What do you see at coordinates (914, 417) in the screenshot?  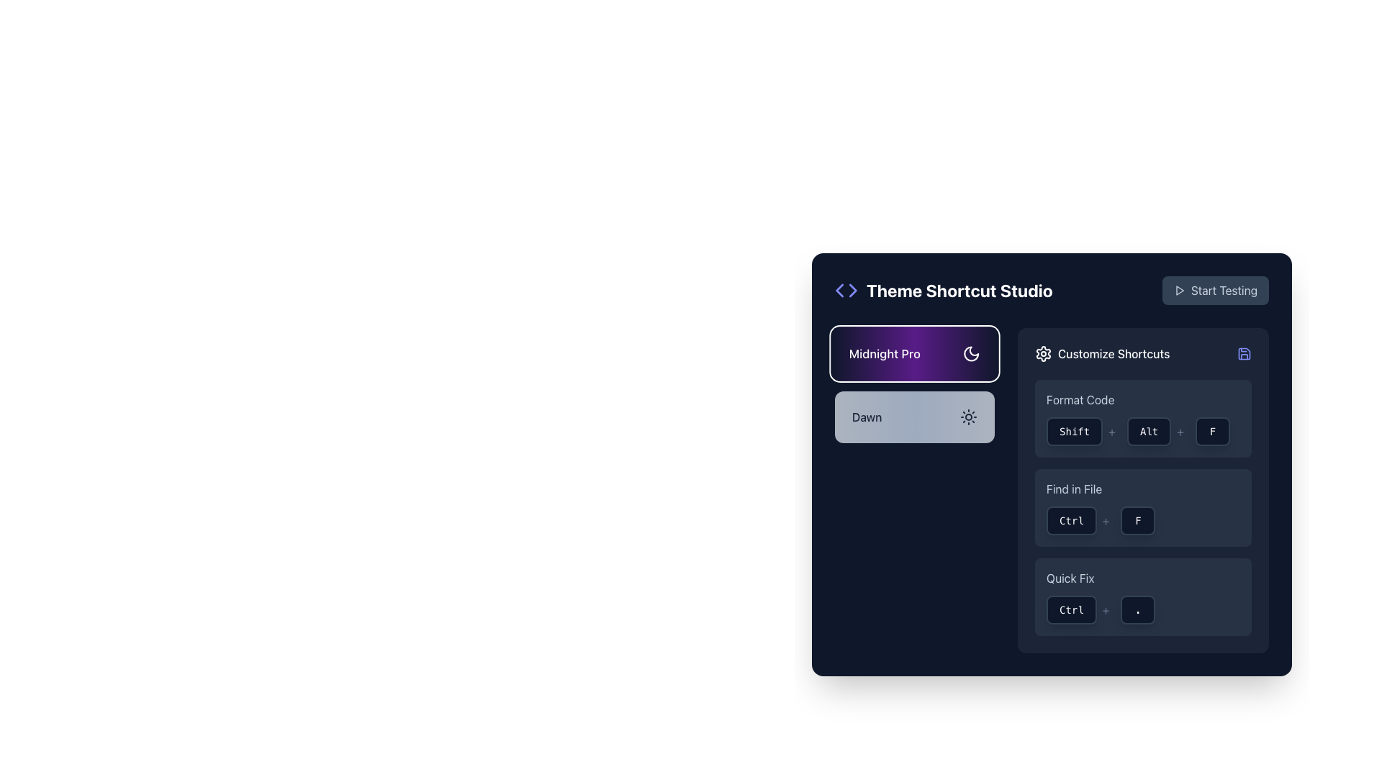 I see `the 'Dawn' theme selector option, which is located below the 'Midnight Pro' selector in the theme selector section` at bounding box center [914, 417].